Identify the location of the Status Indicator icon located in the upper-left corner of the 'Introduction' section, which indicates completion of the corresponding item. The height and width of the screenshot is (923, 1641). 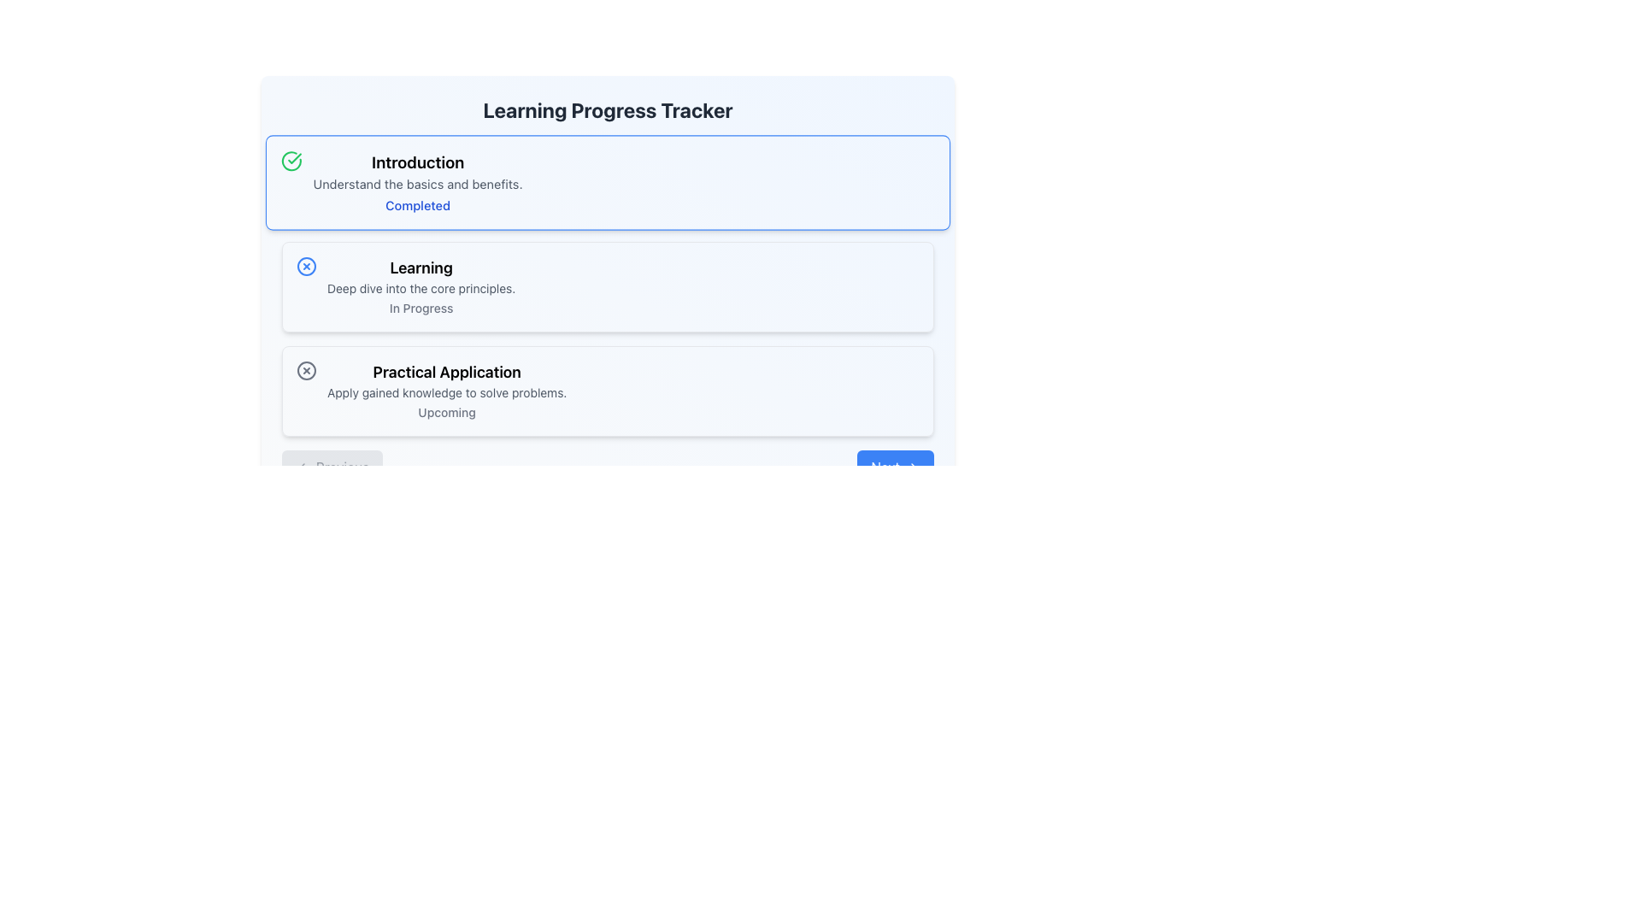
(291, 161).